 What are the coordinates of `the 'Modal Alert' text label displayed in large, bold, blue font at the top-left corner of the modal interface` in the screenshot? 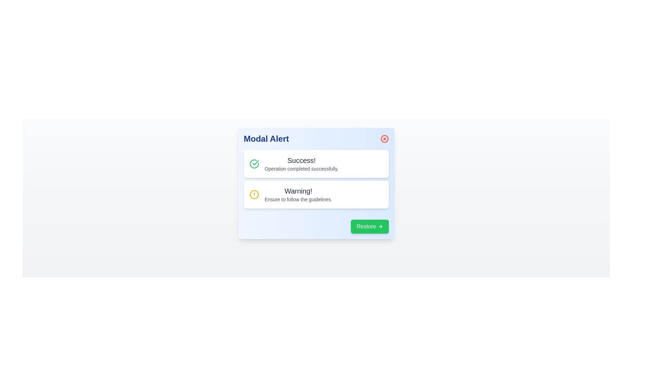 It's located at (266, 139).